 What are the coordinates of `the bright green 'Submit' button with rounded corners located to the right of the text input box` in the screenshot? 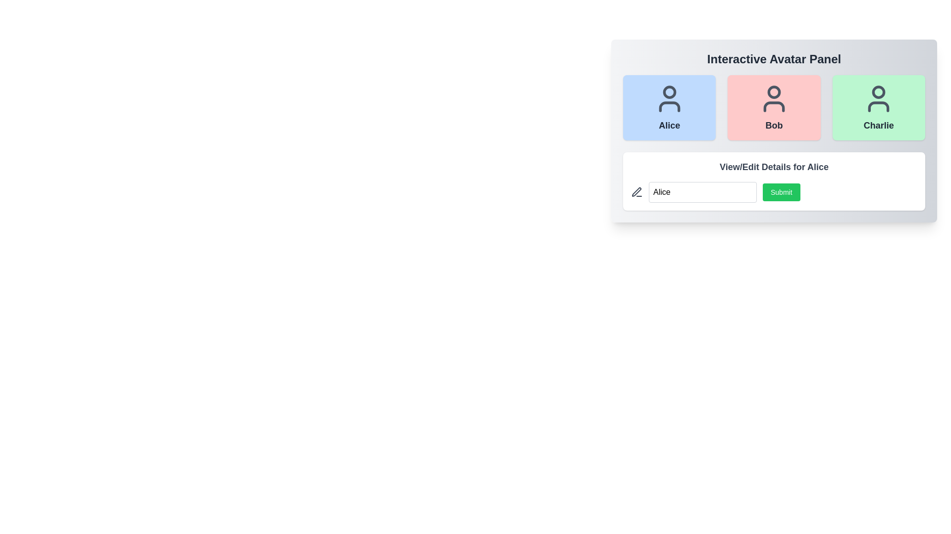 It's located at (781, 192).